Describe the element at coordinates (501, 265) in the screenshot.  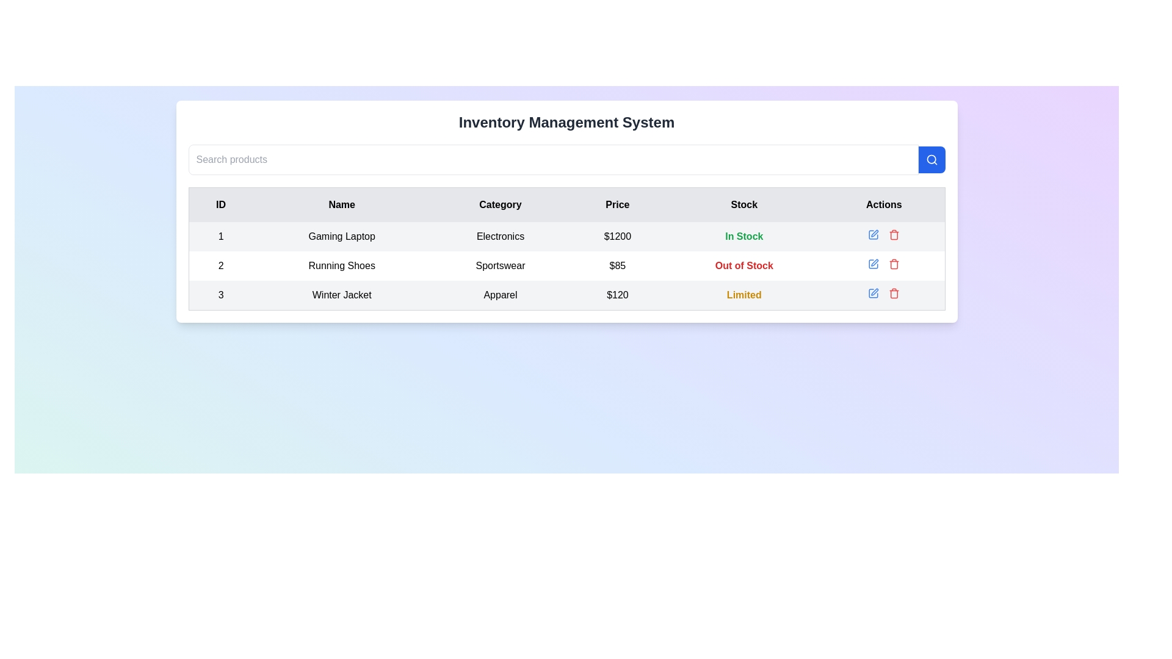
I see `the category label for 'Running Shoes' located in the third column of the table` at that location.